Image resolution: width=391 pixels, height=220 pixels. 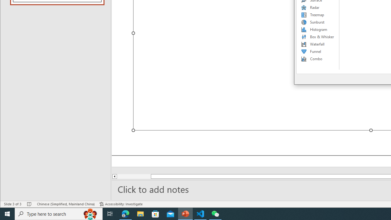 What do you see at coordinates (318, 37) in the screenshot?
I see `'Box & Whisker'` at bounding box center [318, 37].